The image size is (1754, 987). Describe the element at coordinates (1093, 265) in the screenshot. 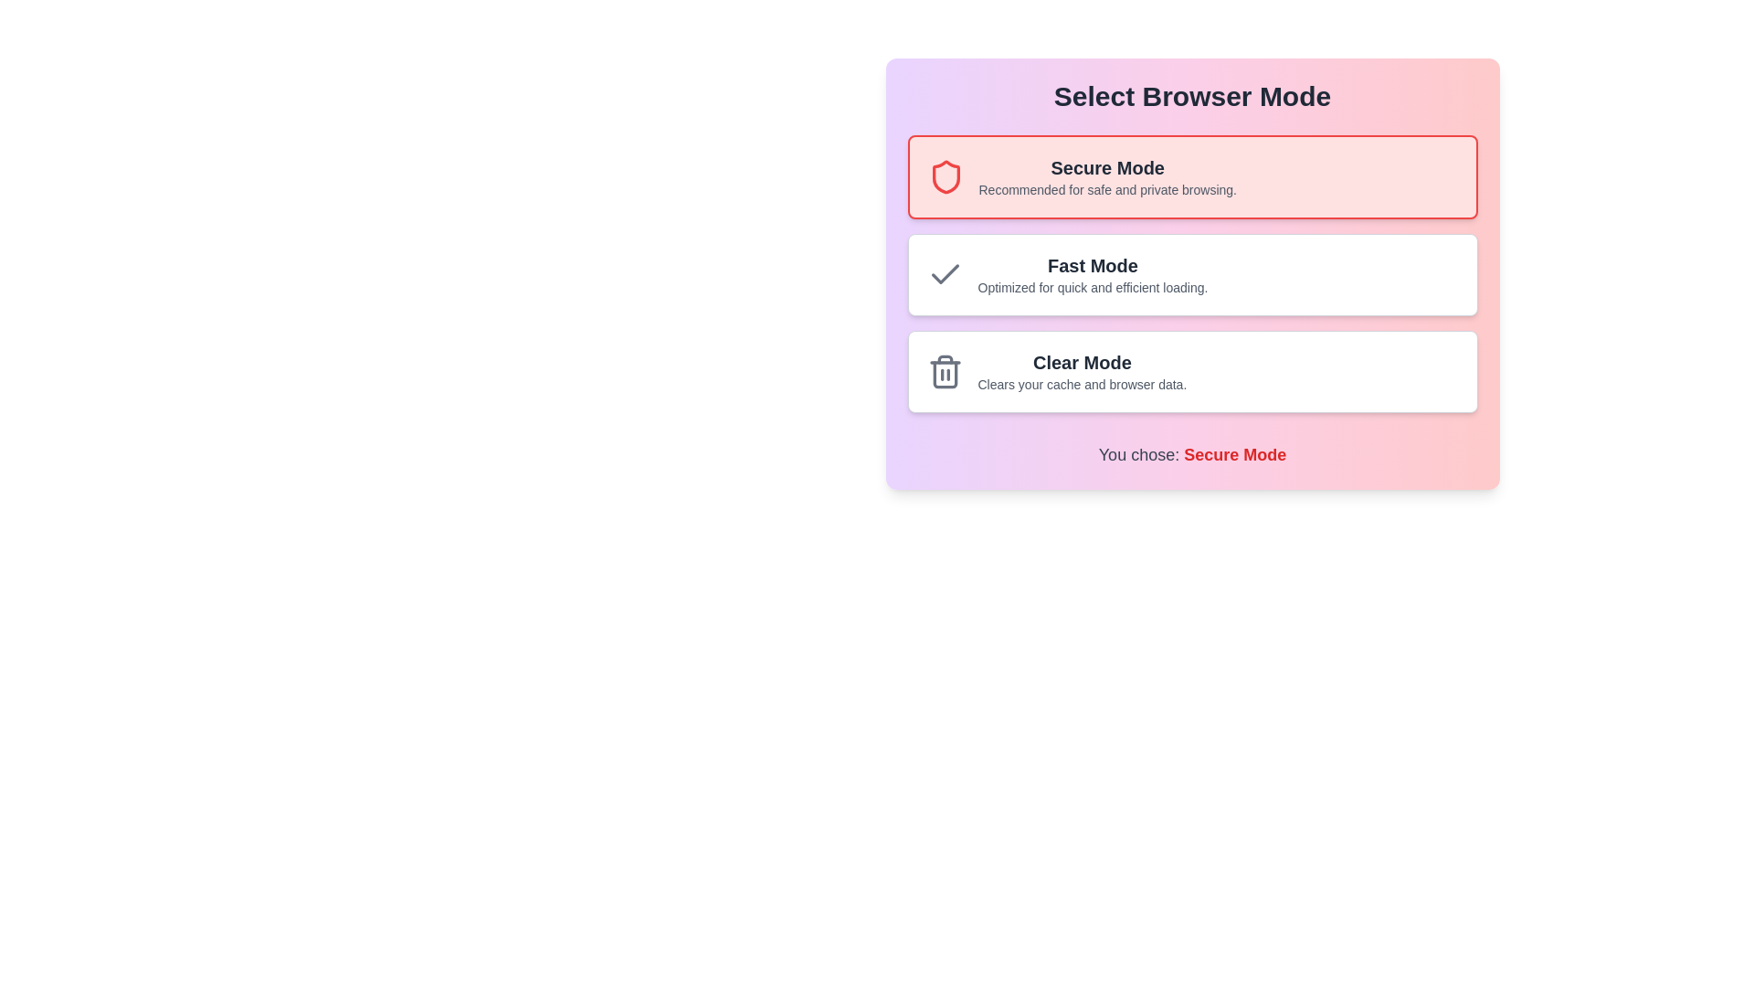

I see `the 'Fast Mode' text label, which serves as a heading in the selection interface for browser modes, centrally aligned within its rectangular box` at that location.